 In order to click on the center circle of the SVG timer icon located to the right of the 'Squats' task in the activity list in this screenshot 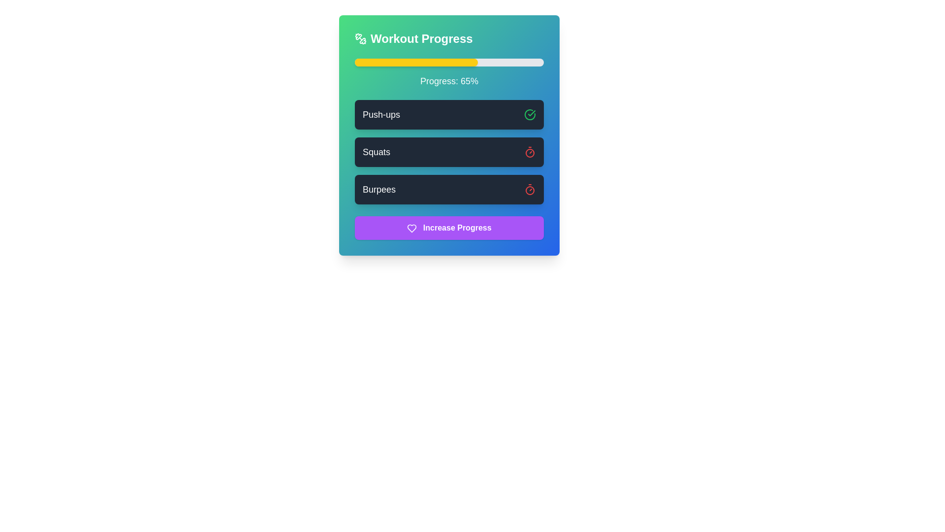, I will do `click(529, 153)`.